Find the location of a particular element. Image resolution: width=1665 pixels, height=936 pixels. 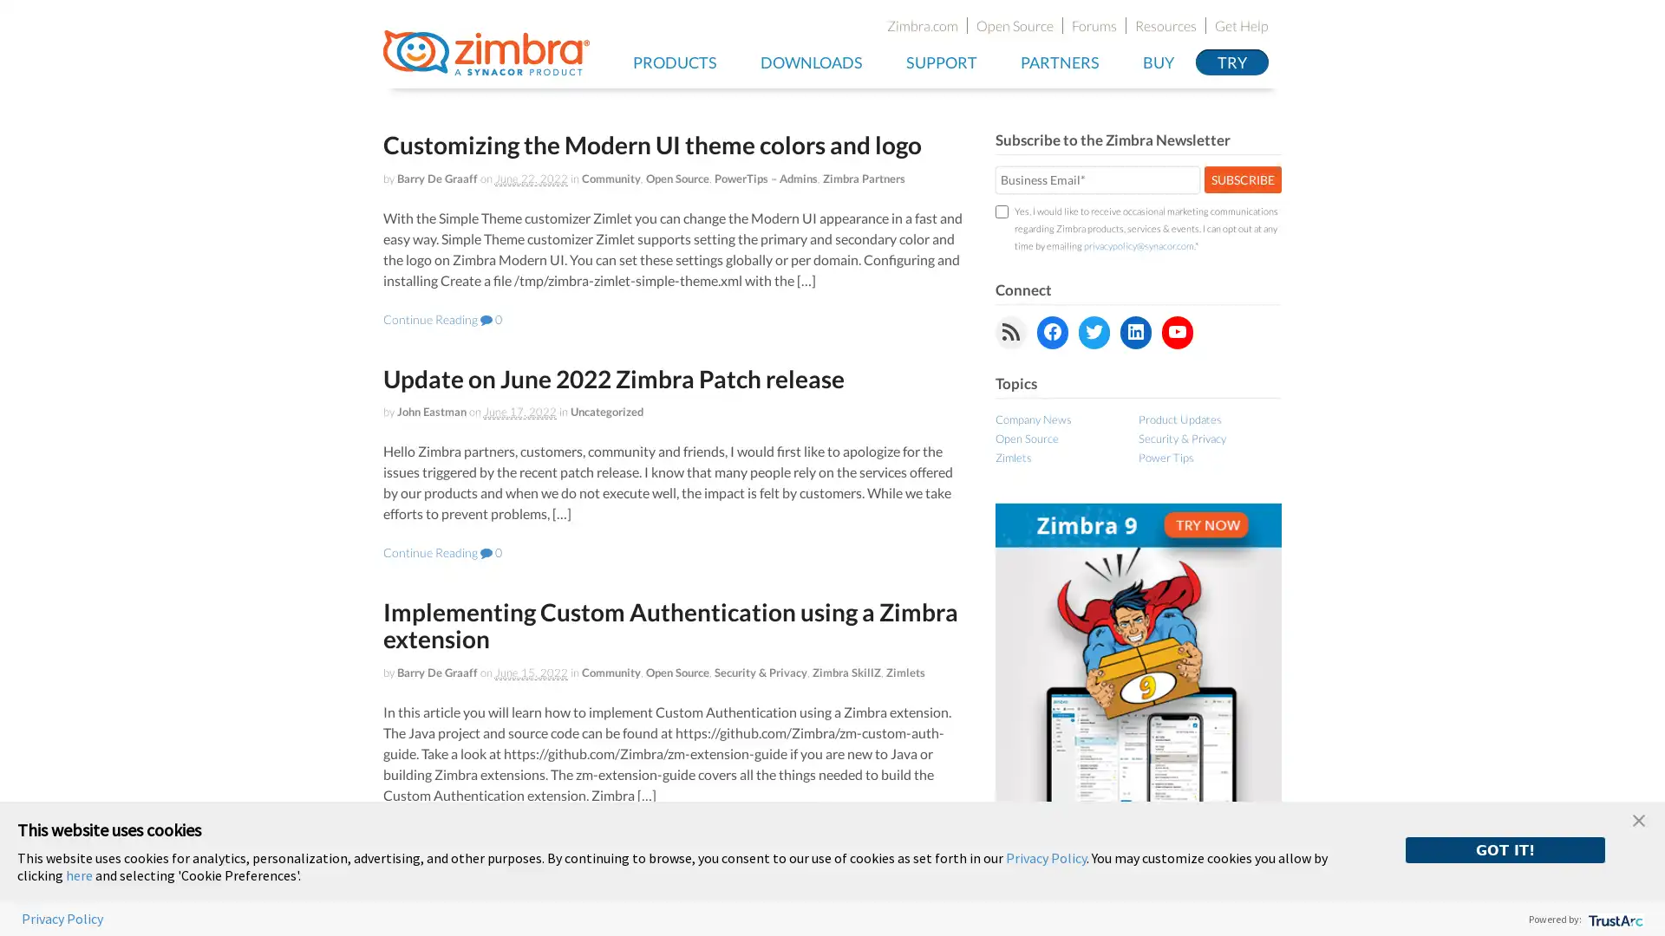

SUBSCRIBE is located at coordinates (1244, 179).